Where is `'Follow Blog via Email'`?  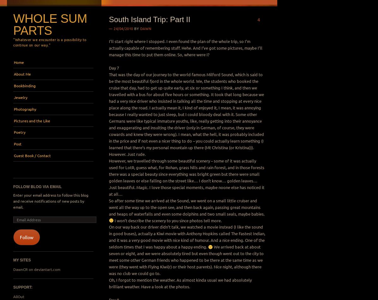 'Follow Blog via Email' is located at coordinates (37, 187).